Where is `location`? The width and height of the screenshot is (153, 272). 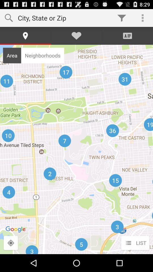
location is located at coordinates (11, 243).